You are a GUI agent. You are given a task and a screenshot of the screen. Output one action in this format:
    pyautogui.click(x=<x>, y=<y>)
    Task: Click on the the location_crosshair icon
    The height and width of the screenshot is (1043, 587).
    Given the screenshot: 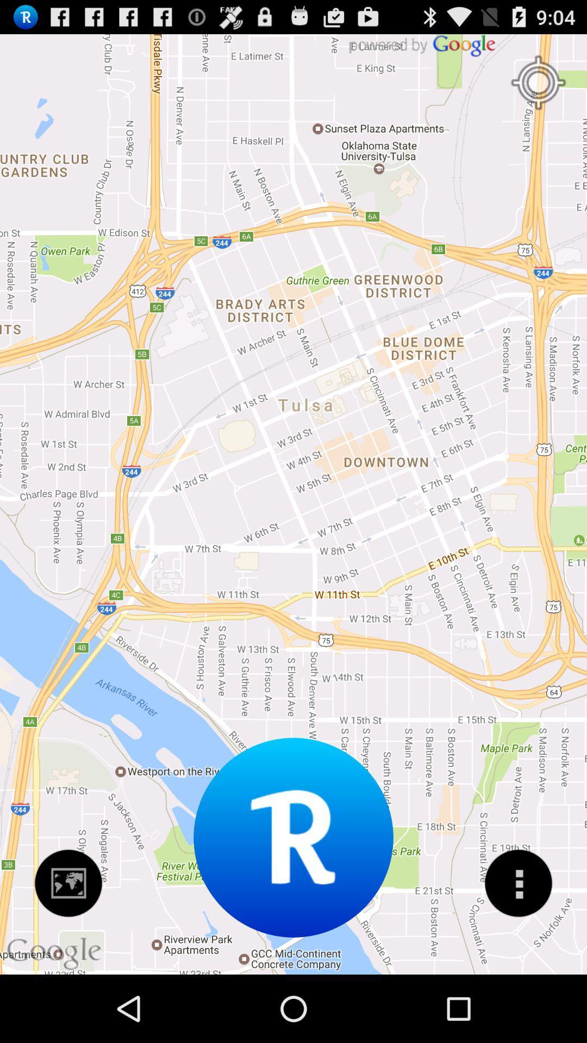 What is the action you would take?
    pyautogui.click(x=538, y=89)
    